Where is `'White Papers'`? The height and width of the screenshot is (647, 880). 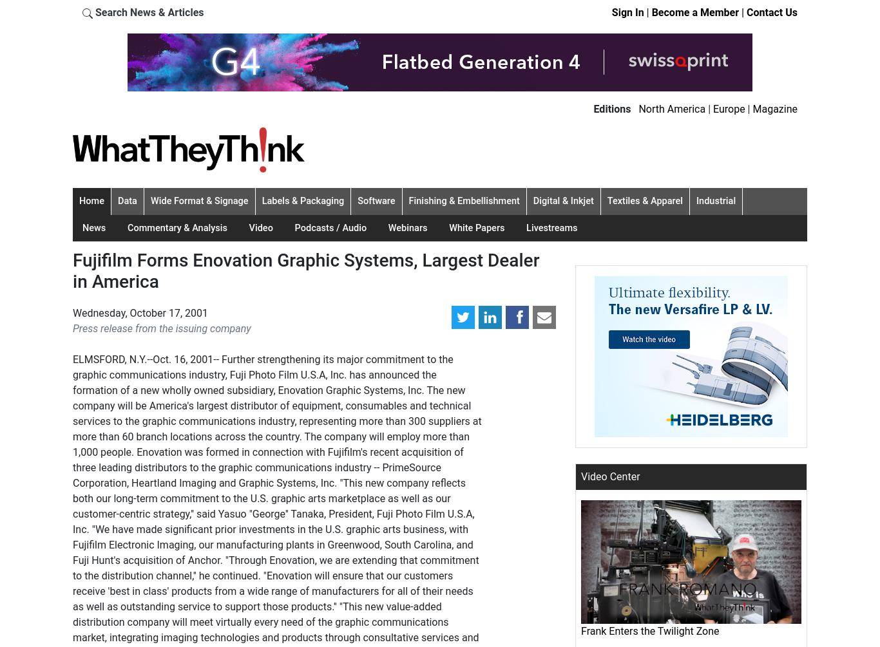 'White Papers' is located at coordinates (476, 227).